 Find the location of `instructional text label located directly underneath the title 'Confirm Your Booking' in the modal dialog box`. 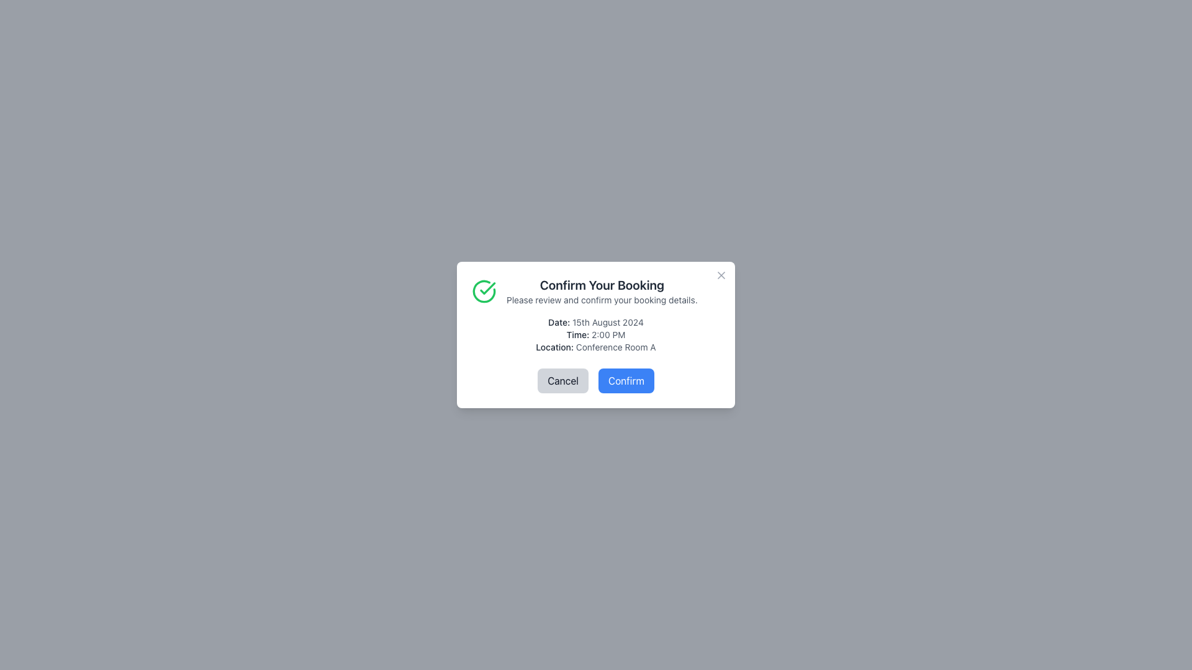

instructional text label located directly underneath the title 'Confirm Your Booking' in the modal dialog box is located at coordinates (602, 300).